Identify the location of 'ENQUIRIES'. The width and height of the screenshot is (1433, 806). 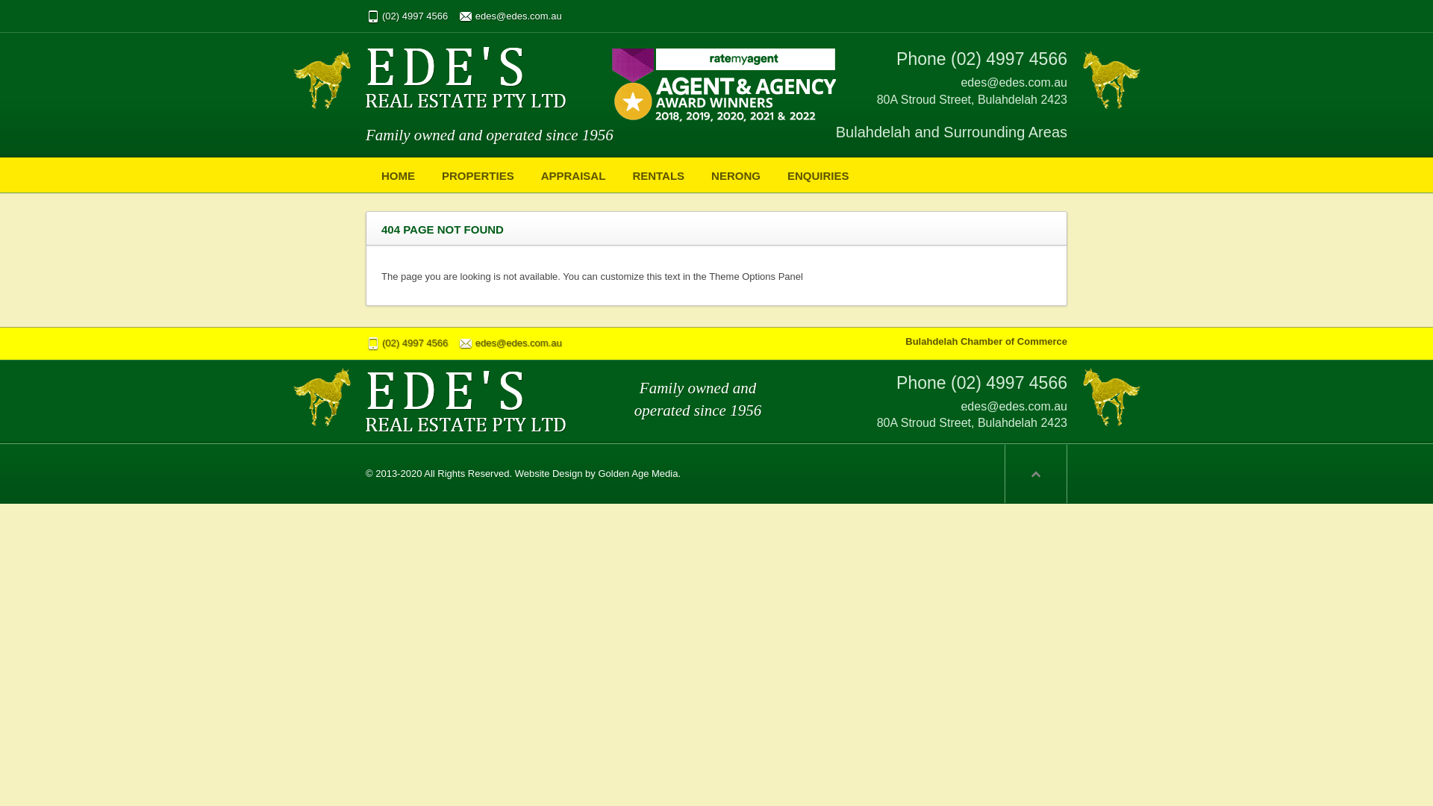
(817, 174).